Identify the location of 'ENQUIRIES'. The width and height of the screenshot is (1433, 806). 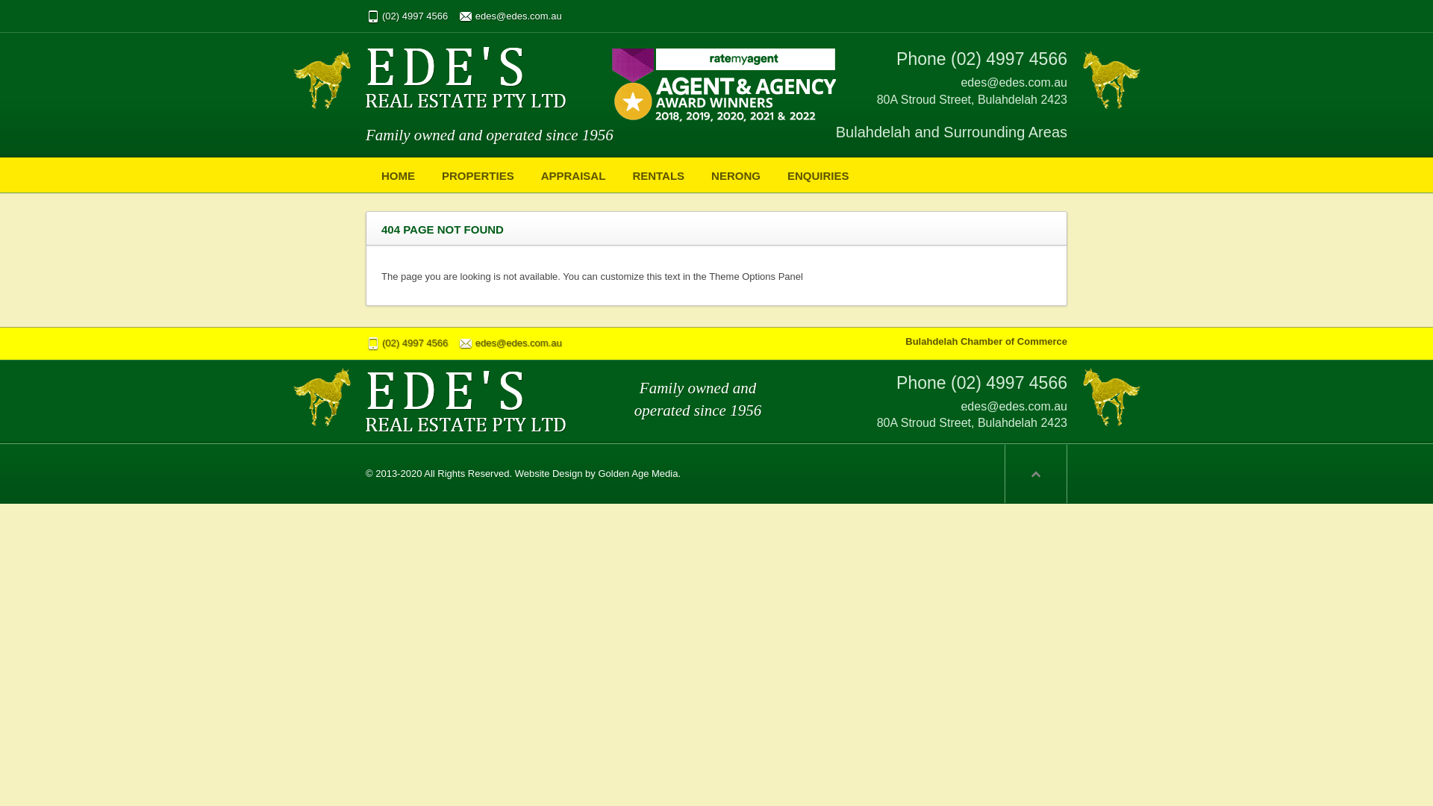
(817, 174).